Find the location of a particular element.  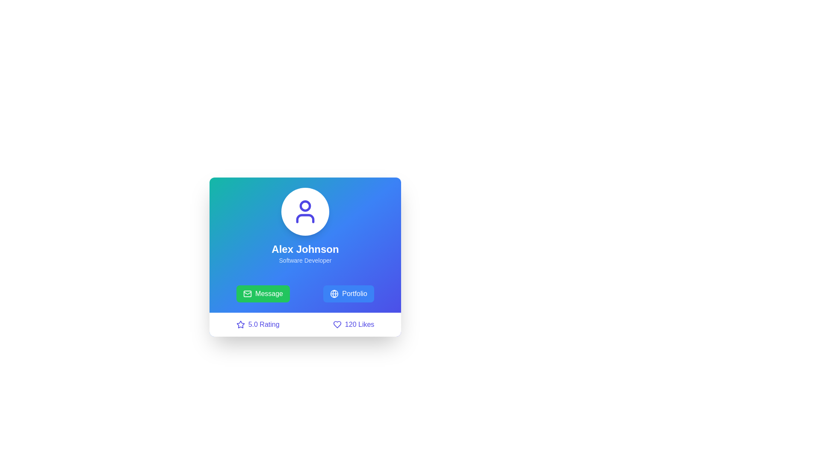

the star-shaped rating icon located to the left of the '5.0 Rating' text label in the bottom-left segment of the profile card is located at coordinates (240, 324).